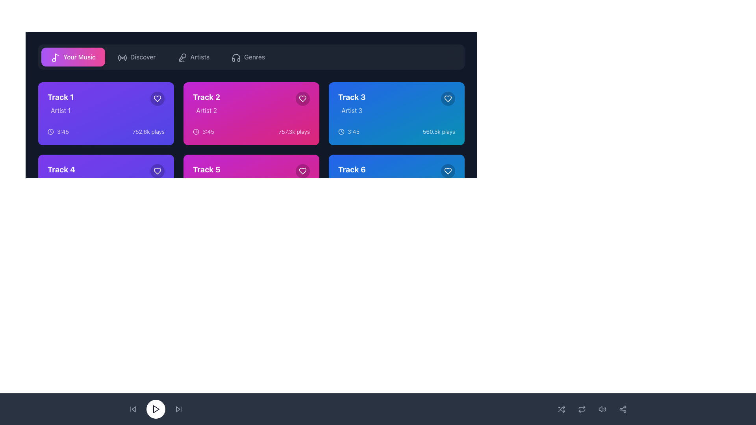 This screenshot has height=425, width=756. Describe the element at coordinates (137, 57) in the screenshot. I see `the 'Discover' button, which is a rectangular button with a gray font on a dark background and an icon resembling a radio signal, located in the horizontal navigation menu, second from the left` at that location.